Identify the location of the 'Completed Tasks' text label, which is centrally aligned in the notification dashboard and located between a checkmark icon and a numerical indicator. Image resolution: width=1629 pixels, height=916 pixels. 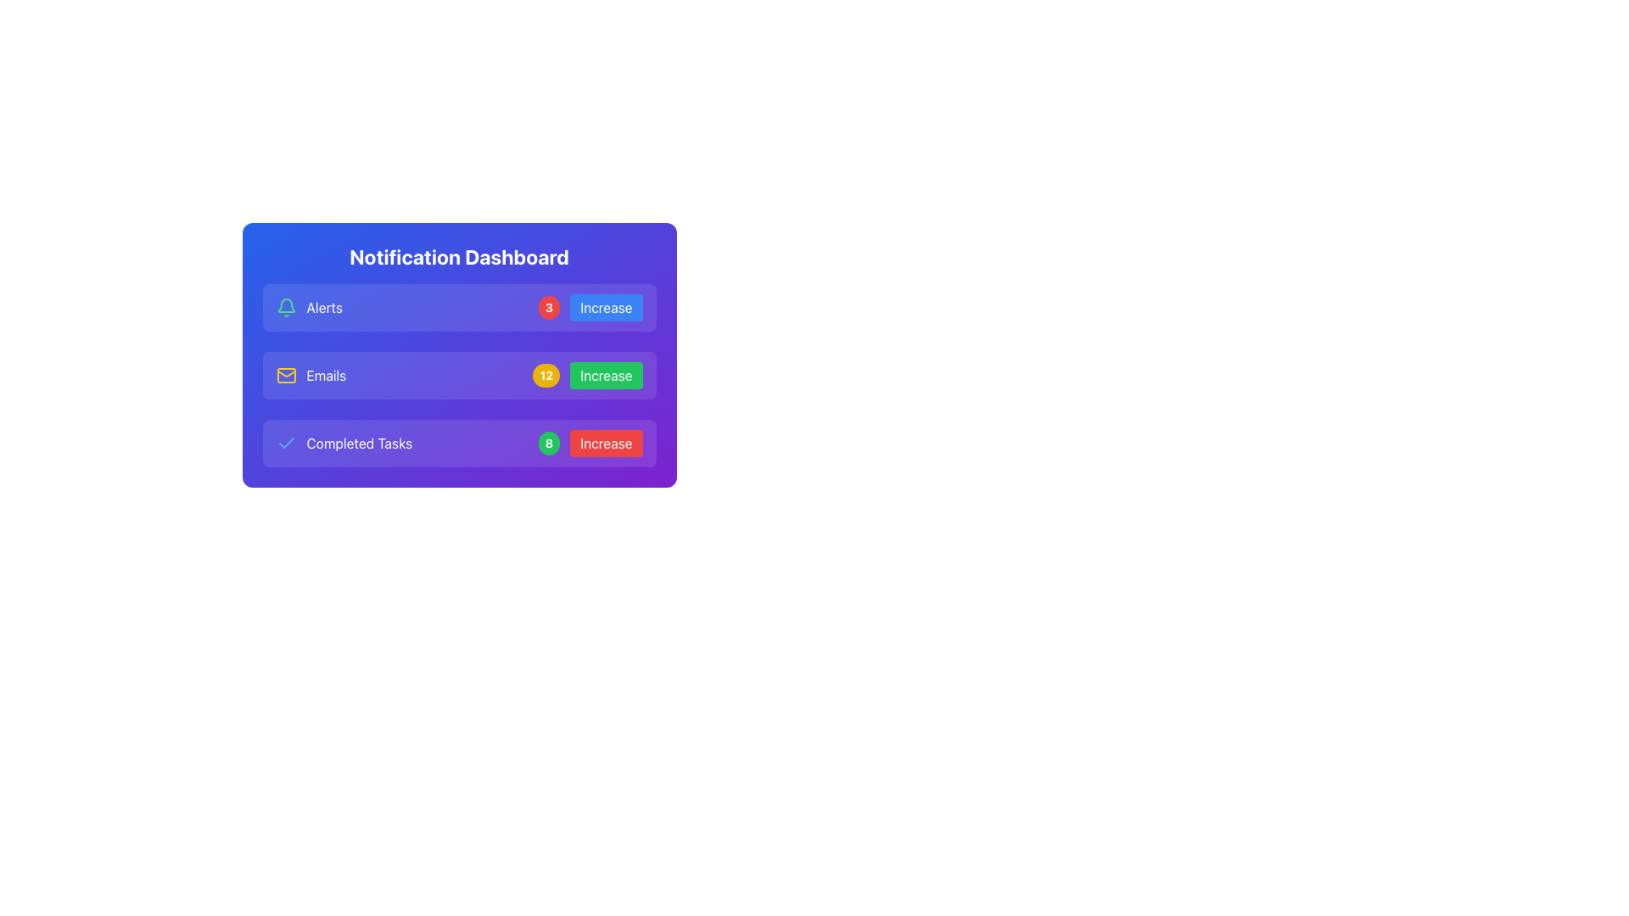
(358, 443).